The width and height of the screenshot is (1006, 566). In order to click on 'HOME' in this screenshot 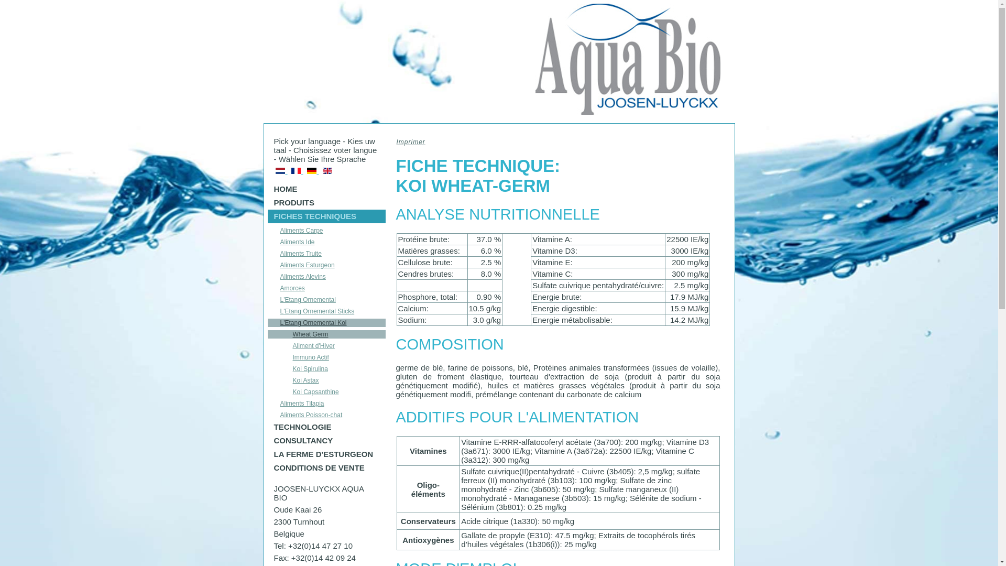, I will do `click(325, 189)`.